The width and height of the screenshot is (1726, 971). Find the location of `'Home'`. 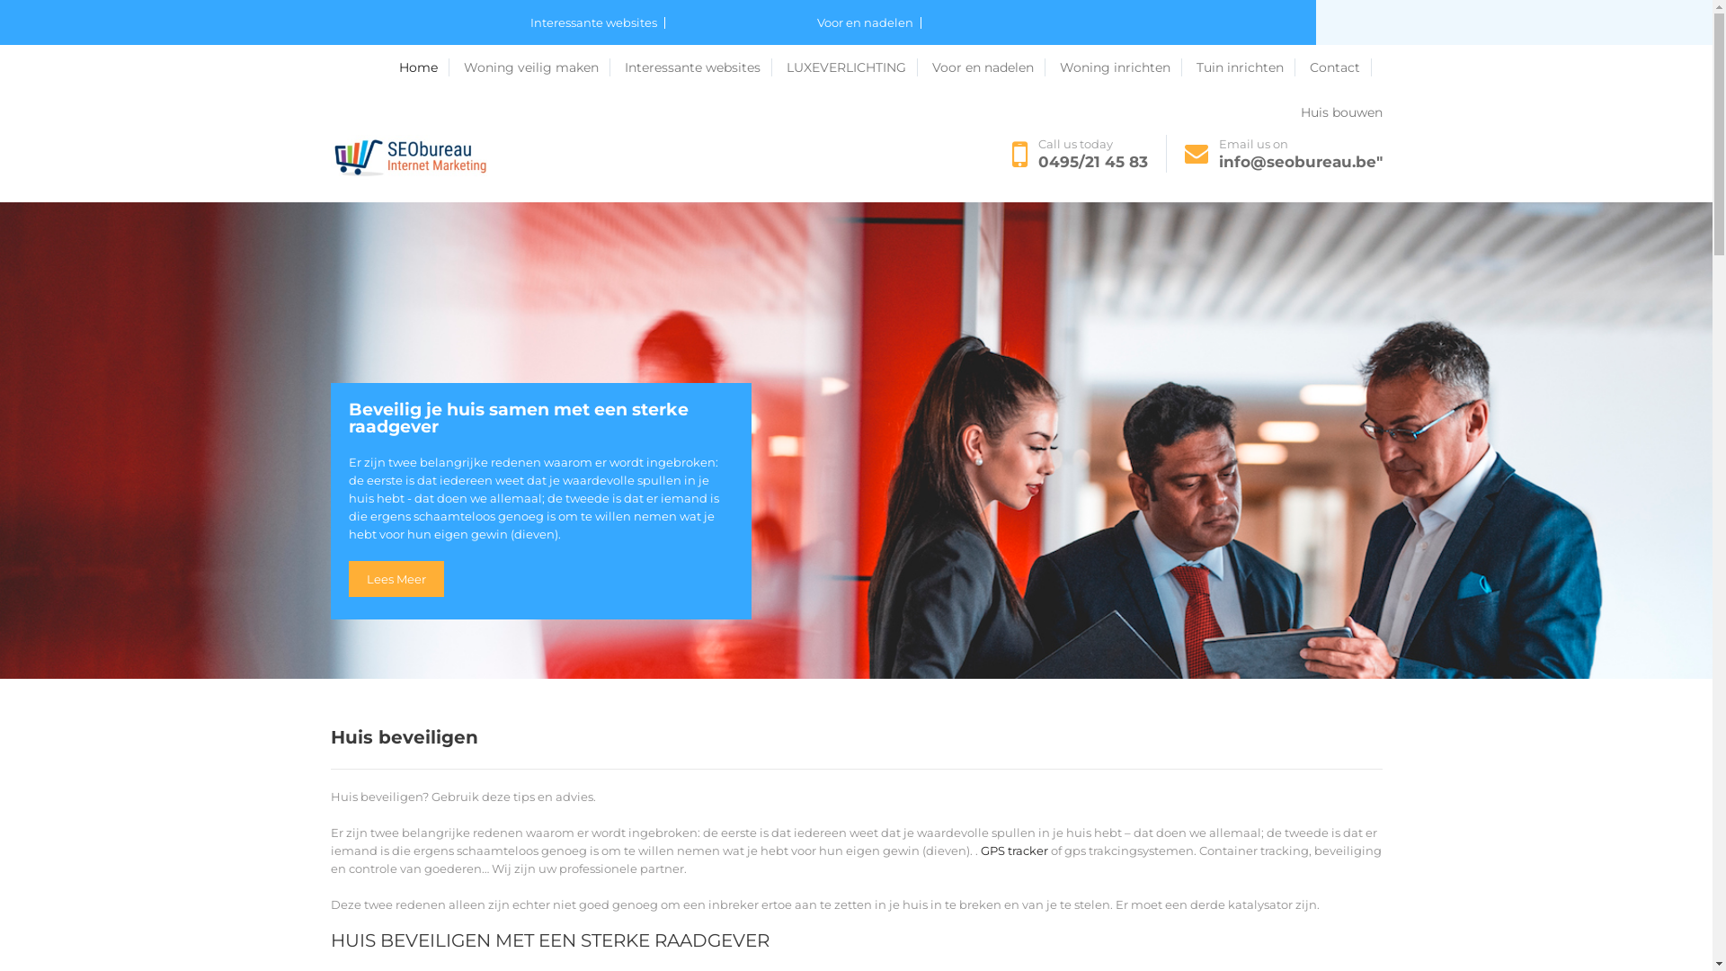

'Home' is located at coordinates (398, 66).